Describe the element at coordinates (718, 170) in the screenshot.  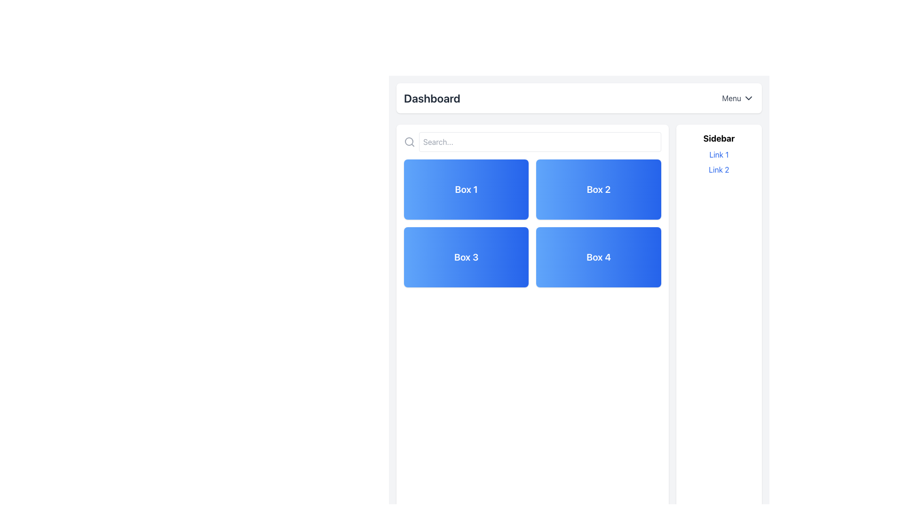
I see `the text-based hyperlink labeled 'Link 2' in the sidebar` at that location.